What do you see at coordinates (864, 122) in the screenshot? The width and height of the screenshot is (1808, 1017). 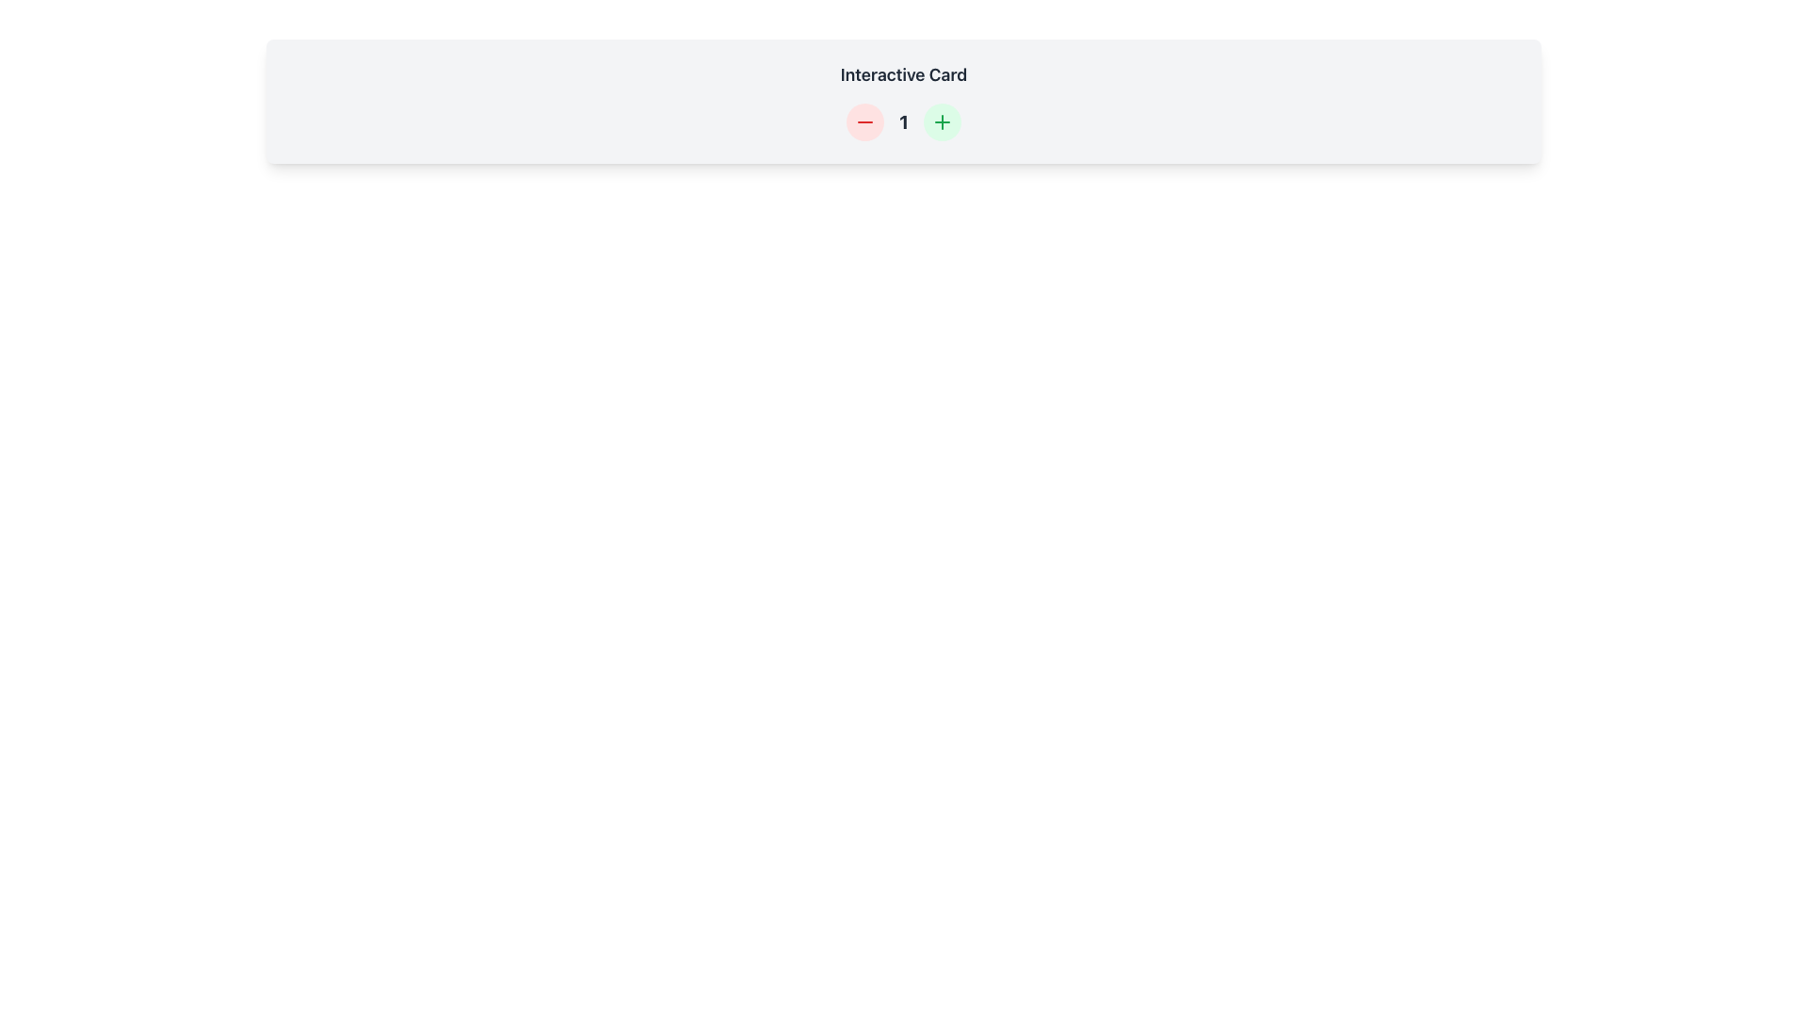 I see `the button designed to decrease a numerical value by one, which is located on the left side of a numeric label ('1') and adjacent to a green circular button with a plus icon` at bounding box center [864, 122].